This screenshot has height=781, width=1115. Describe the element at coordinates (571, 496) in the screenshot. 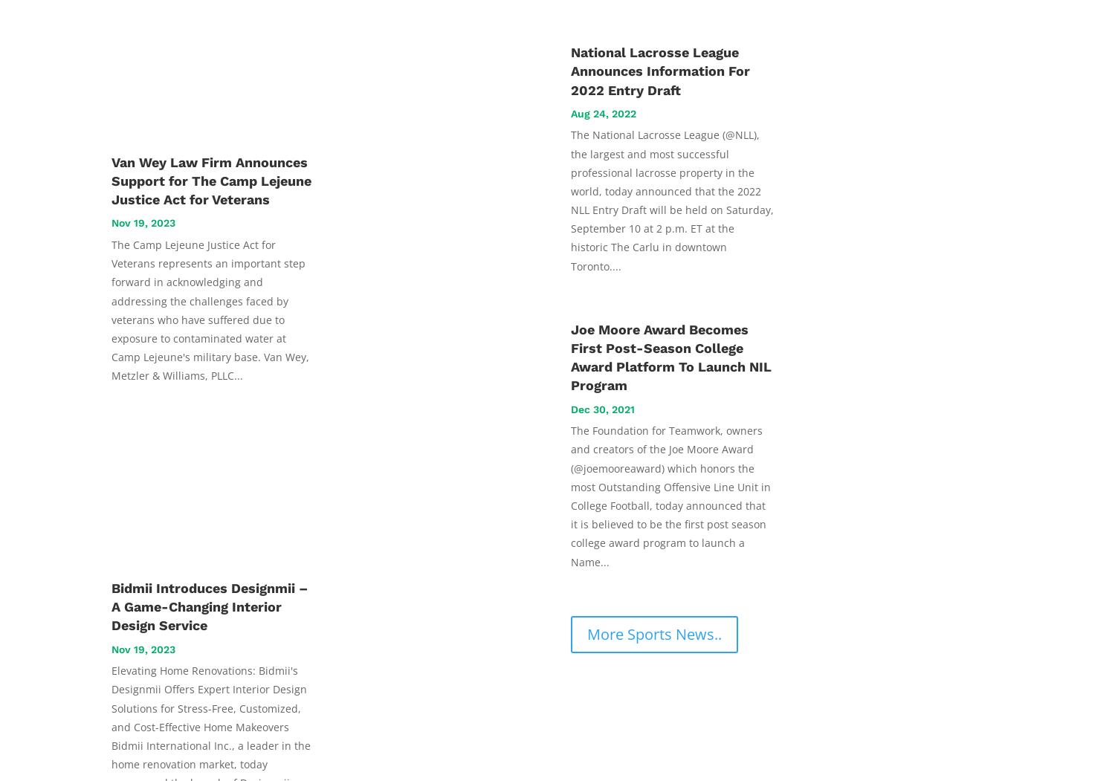

I see `'The Foundation for Teamwork, owners and creators of the Joe Moore Award (@joemooreaward) which honors the most Outstanding Offensive Line Unit in College Football, today announced that it is believed to be the first post season college award program to launch a Name...'` at that location.